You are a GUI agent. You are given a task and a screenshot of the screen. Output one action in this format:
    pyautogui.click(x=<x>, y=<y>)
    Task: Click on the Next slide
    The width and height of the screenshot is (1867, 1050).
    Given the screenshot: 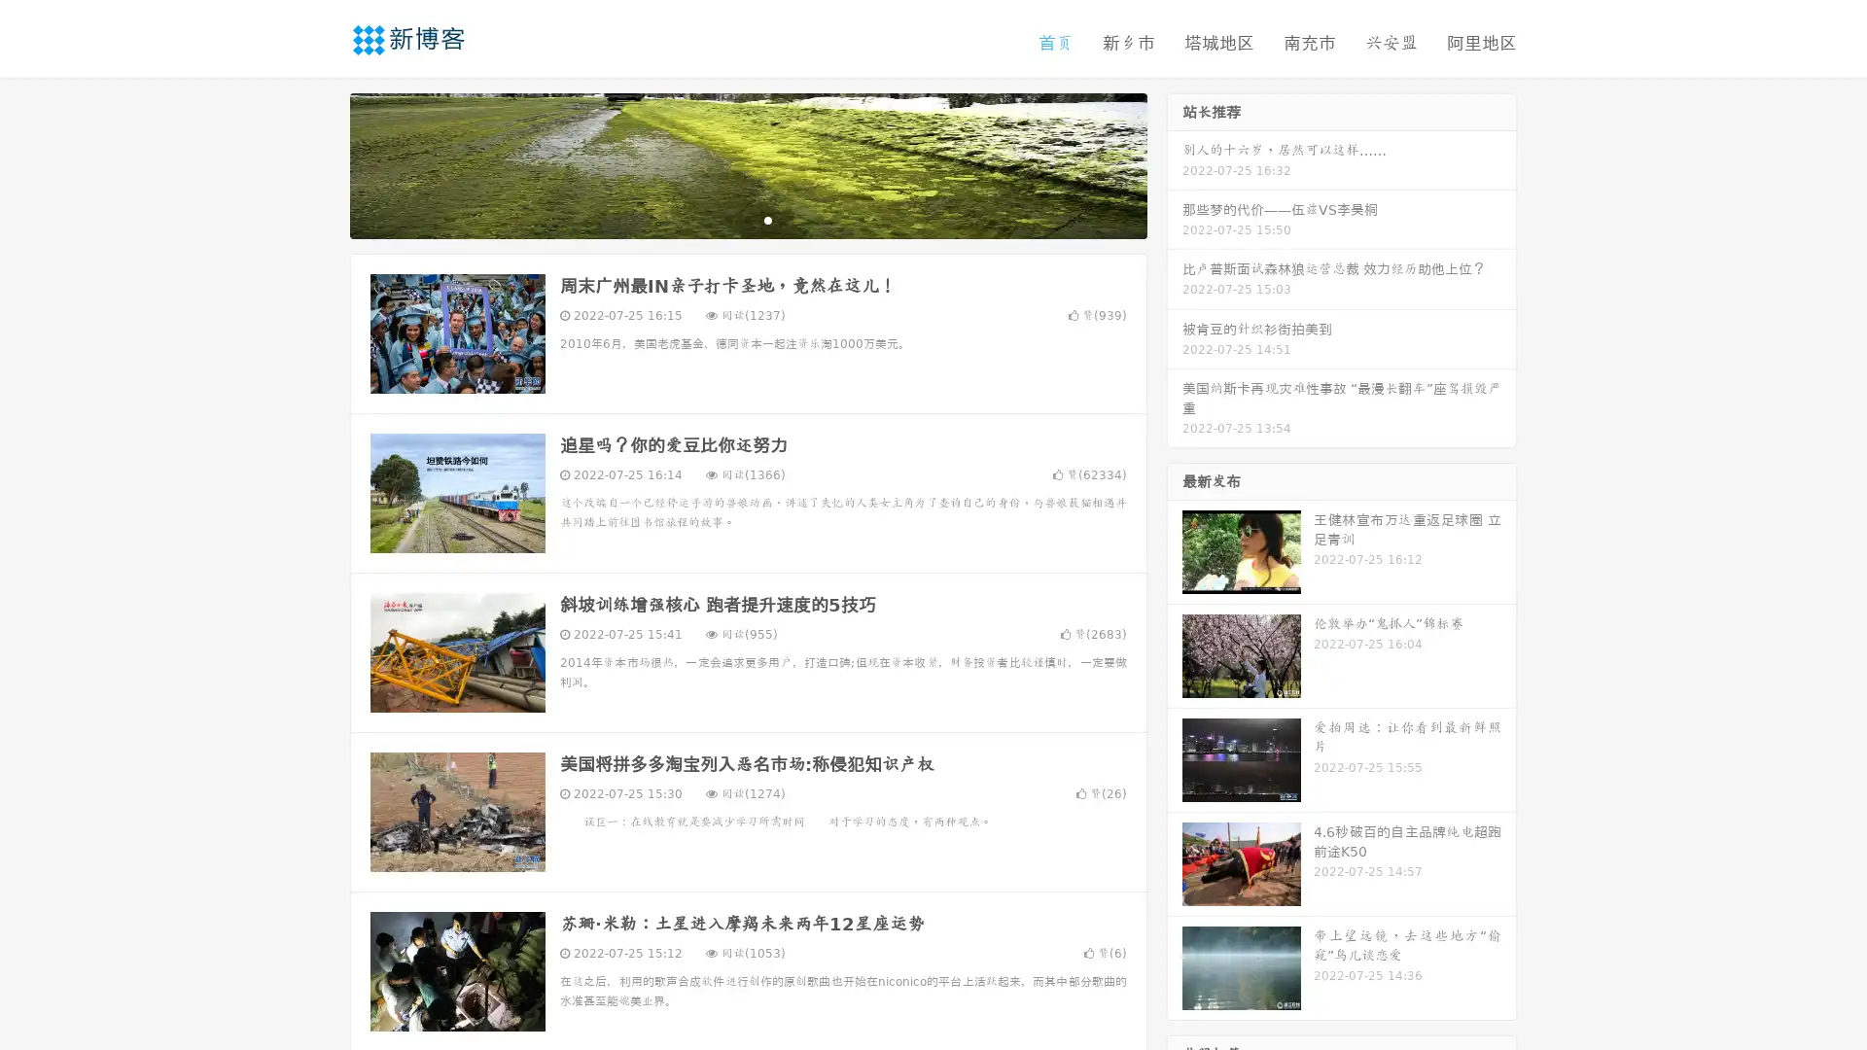 What is the action you would take?
    pyautogui.click(x=1175, y=163)
    